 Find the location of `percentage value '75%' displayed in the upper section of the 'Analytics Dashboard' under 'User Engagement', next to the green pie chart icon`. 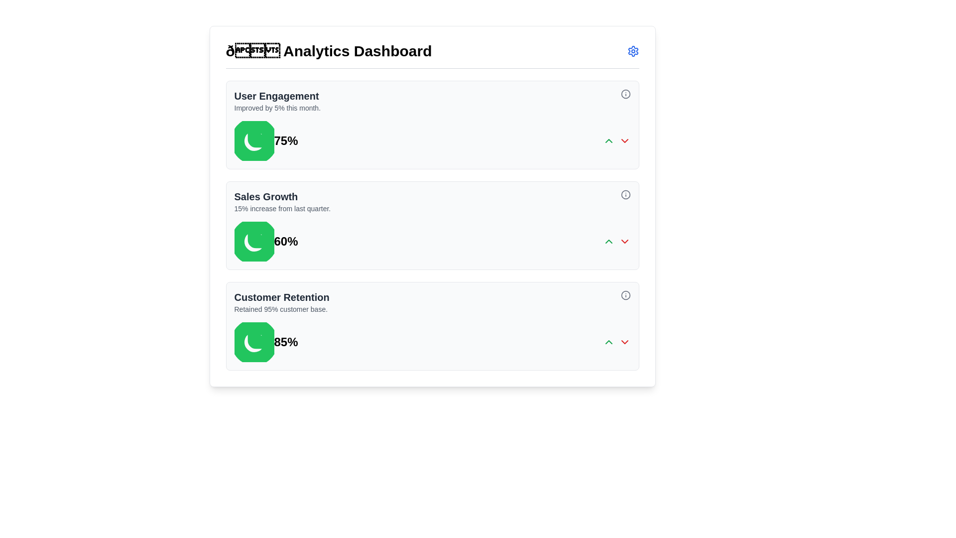

percentage value '75%' displayed in the upper section of the 'Analytics Dashboard' under 'User Engagement', next to the green pie chart icon is located at coordinates (285, 140).